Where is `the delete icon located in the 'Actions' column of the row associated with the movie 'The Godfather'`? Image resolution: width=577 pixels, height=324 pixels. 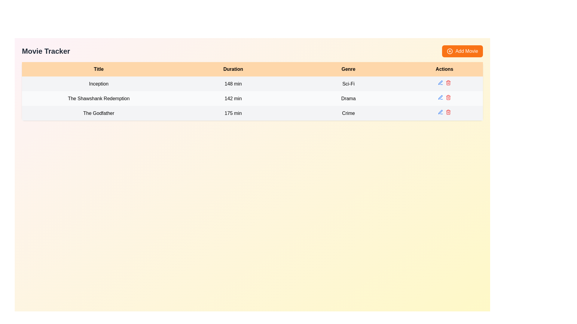 the delete icon located in the 'Actions' column of the row associated with the movie 'The Godfather' is located at coordinates (444, 113).